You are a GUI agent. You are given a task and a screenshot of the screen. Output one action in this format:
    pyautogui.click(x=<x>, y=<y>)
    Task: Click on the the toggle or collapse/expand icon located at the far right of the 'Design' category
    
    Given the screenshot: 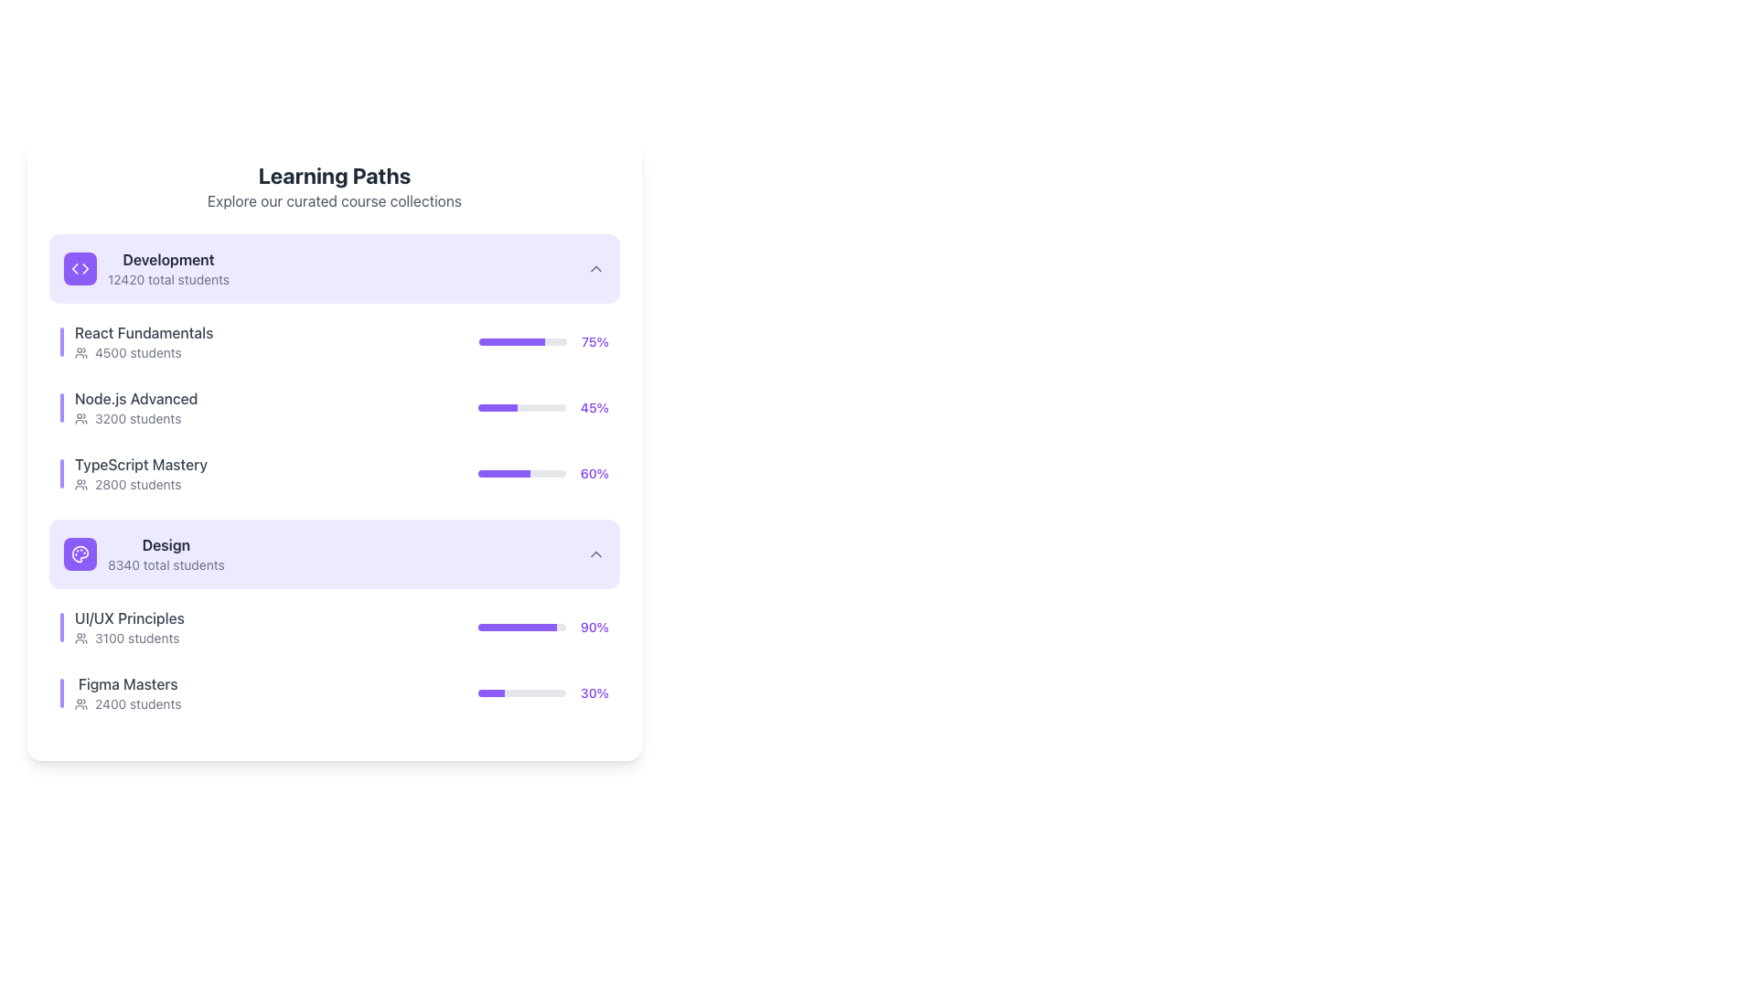 What is the action you would take?
    pyautogui.click(x=596, y=553)
    